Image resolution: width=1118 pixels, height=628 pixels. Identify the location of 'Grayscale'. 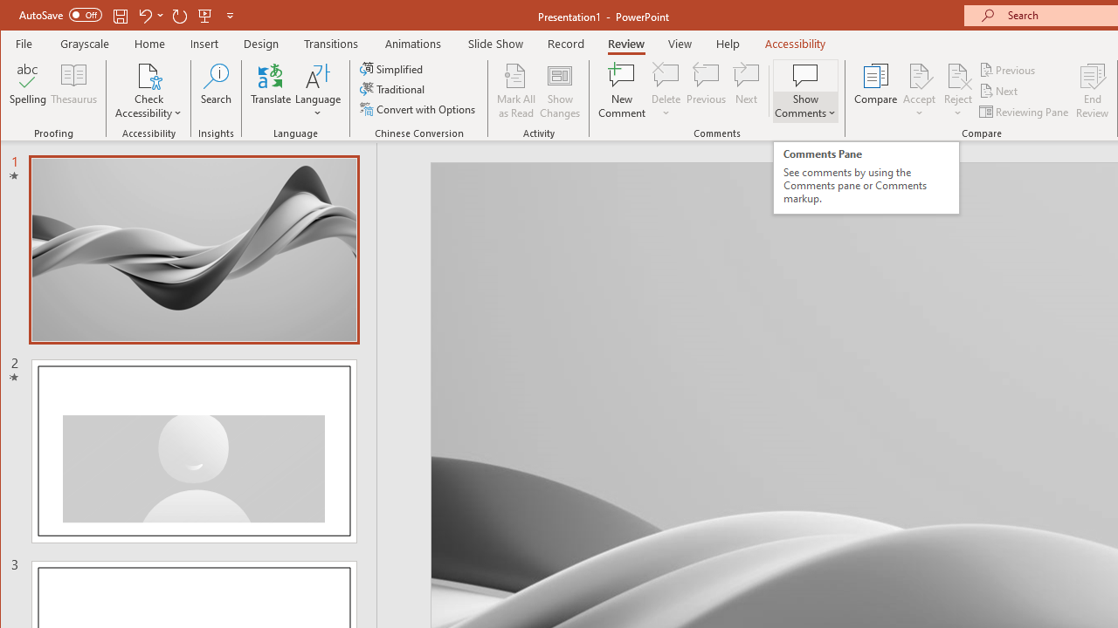
(84, 43).